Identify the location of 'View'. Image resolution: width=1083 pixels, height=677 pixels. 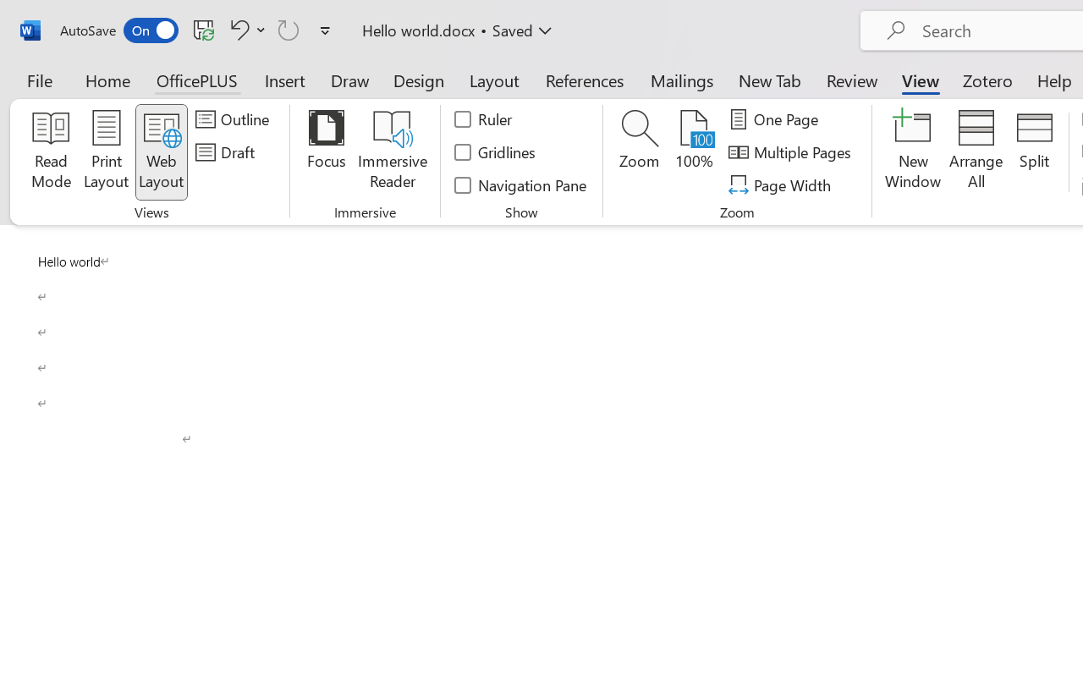
(920, 80).